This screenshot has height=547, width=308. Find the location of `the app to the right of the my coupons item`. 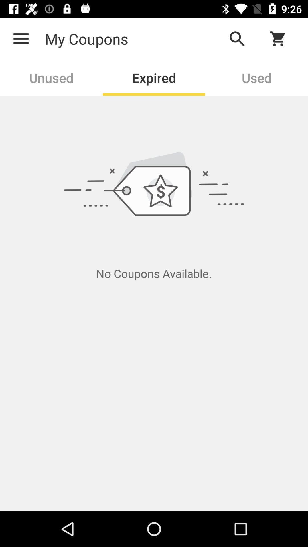

the app to the right of the my coupons item is located at coordinates (237, 38).